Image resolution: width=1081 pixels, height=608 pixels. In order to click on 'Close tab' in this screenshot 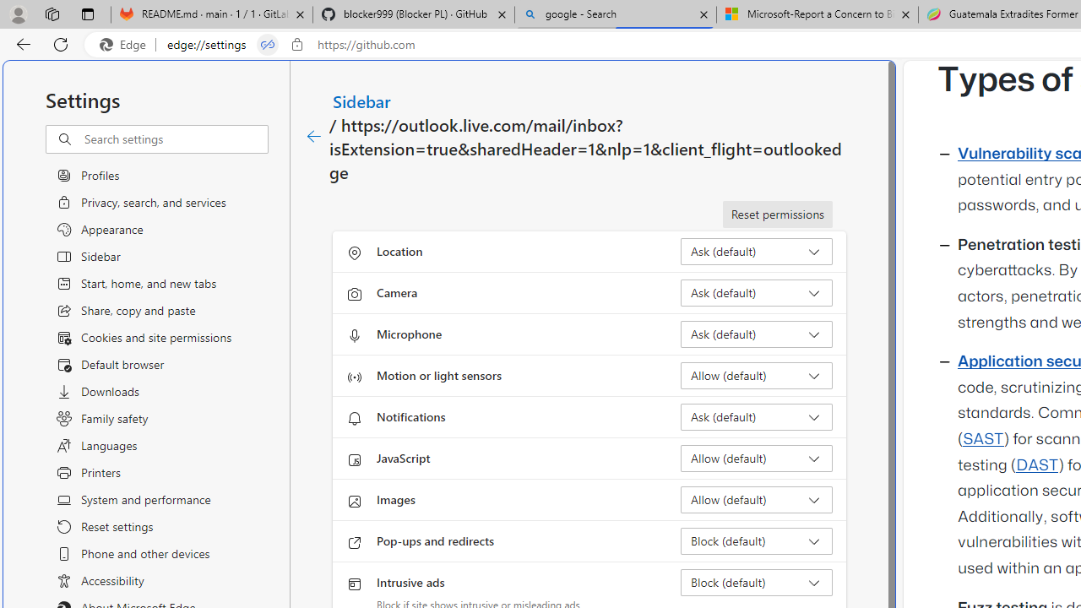, I will do `click(904, 14)`.